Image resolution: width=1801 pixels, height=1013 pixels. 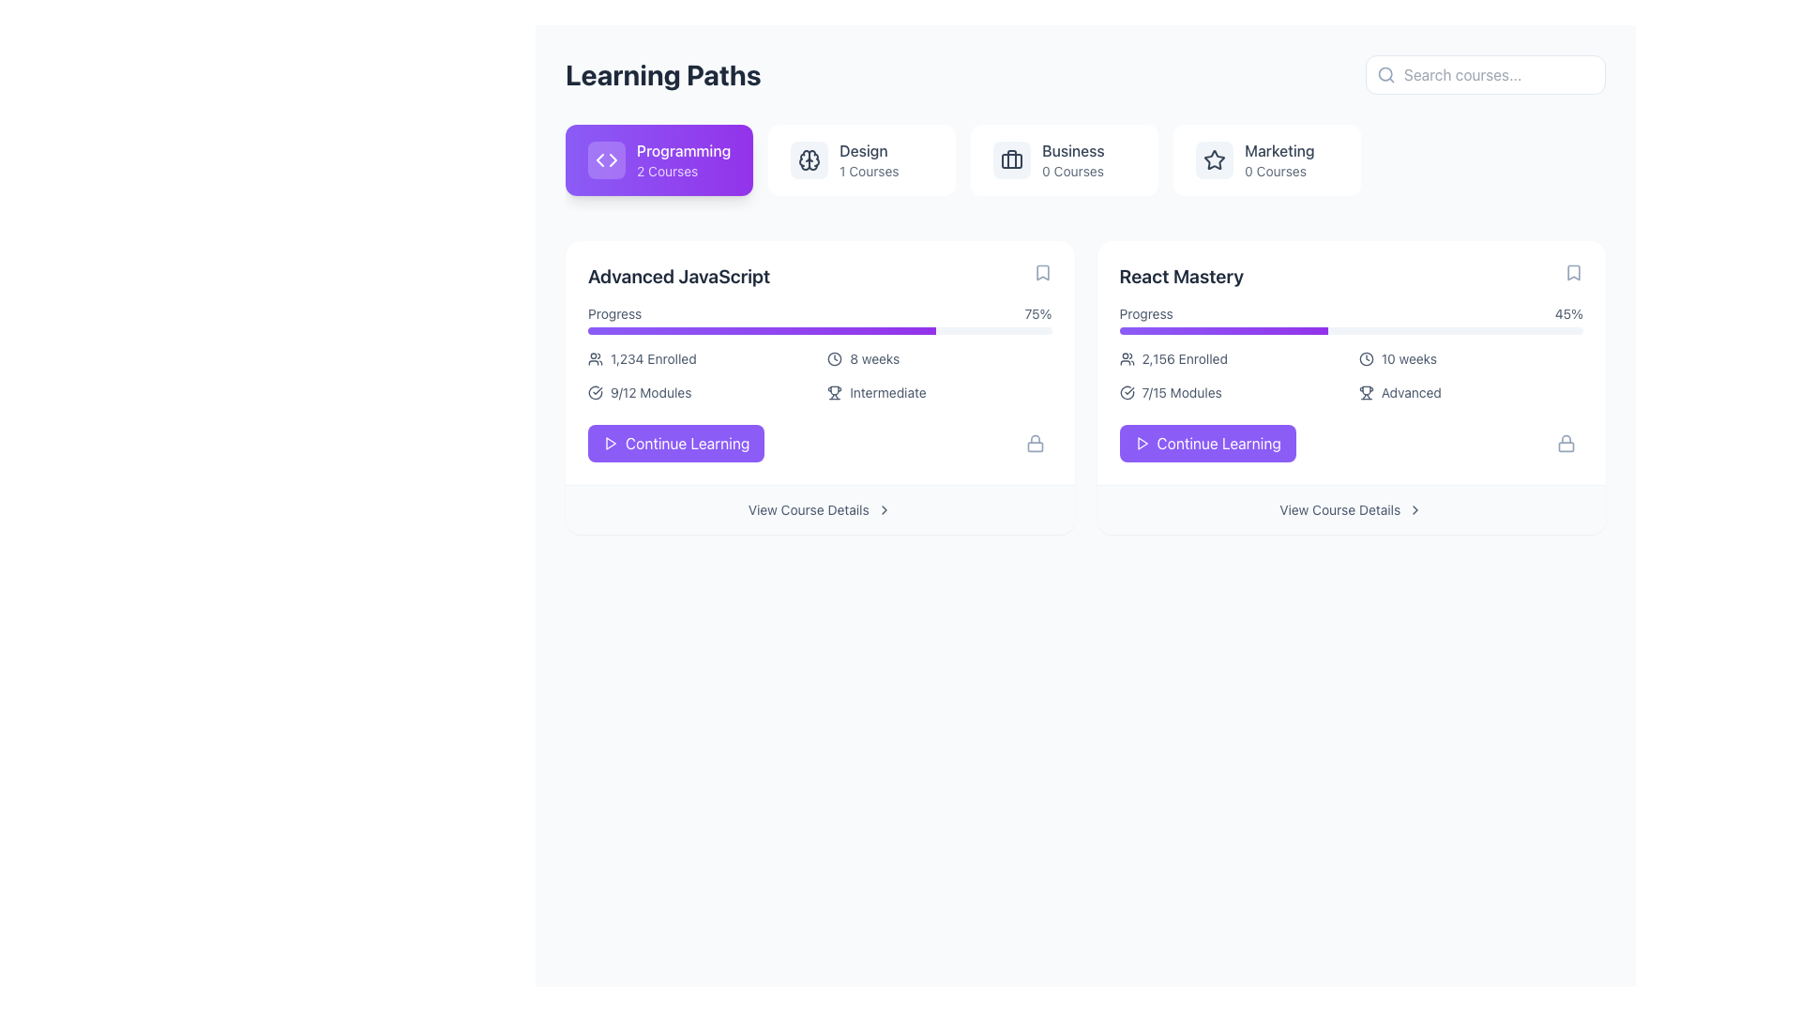 What do you see at coordinates (820, 318) in the screenshot?
I see `the progress bar representing the course progress percentage in the 'Advanced JavaScript' section to visualize the progress percentage` at bounding box center [820, 318].